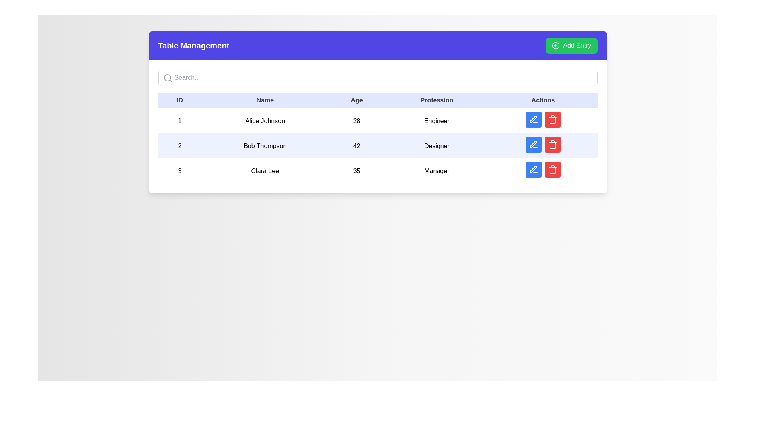 This screenshot has height=429, width=764. Describe the element at coordinates (552, 120) in the screenshot. I see `the Trash Bin Illustration icon in the Actions column of the second row, which is part of the delete button` at that location.